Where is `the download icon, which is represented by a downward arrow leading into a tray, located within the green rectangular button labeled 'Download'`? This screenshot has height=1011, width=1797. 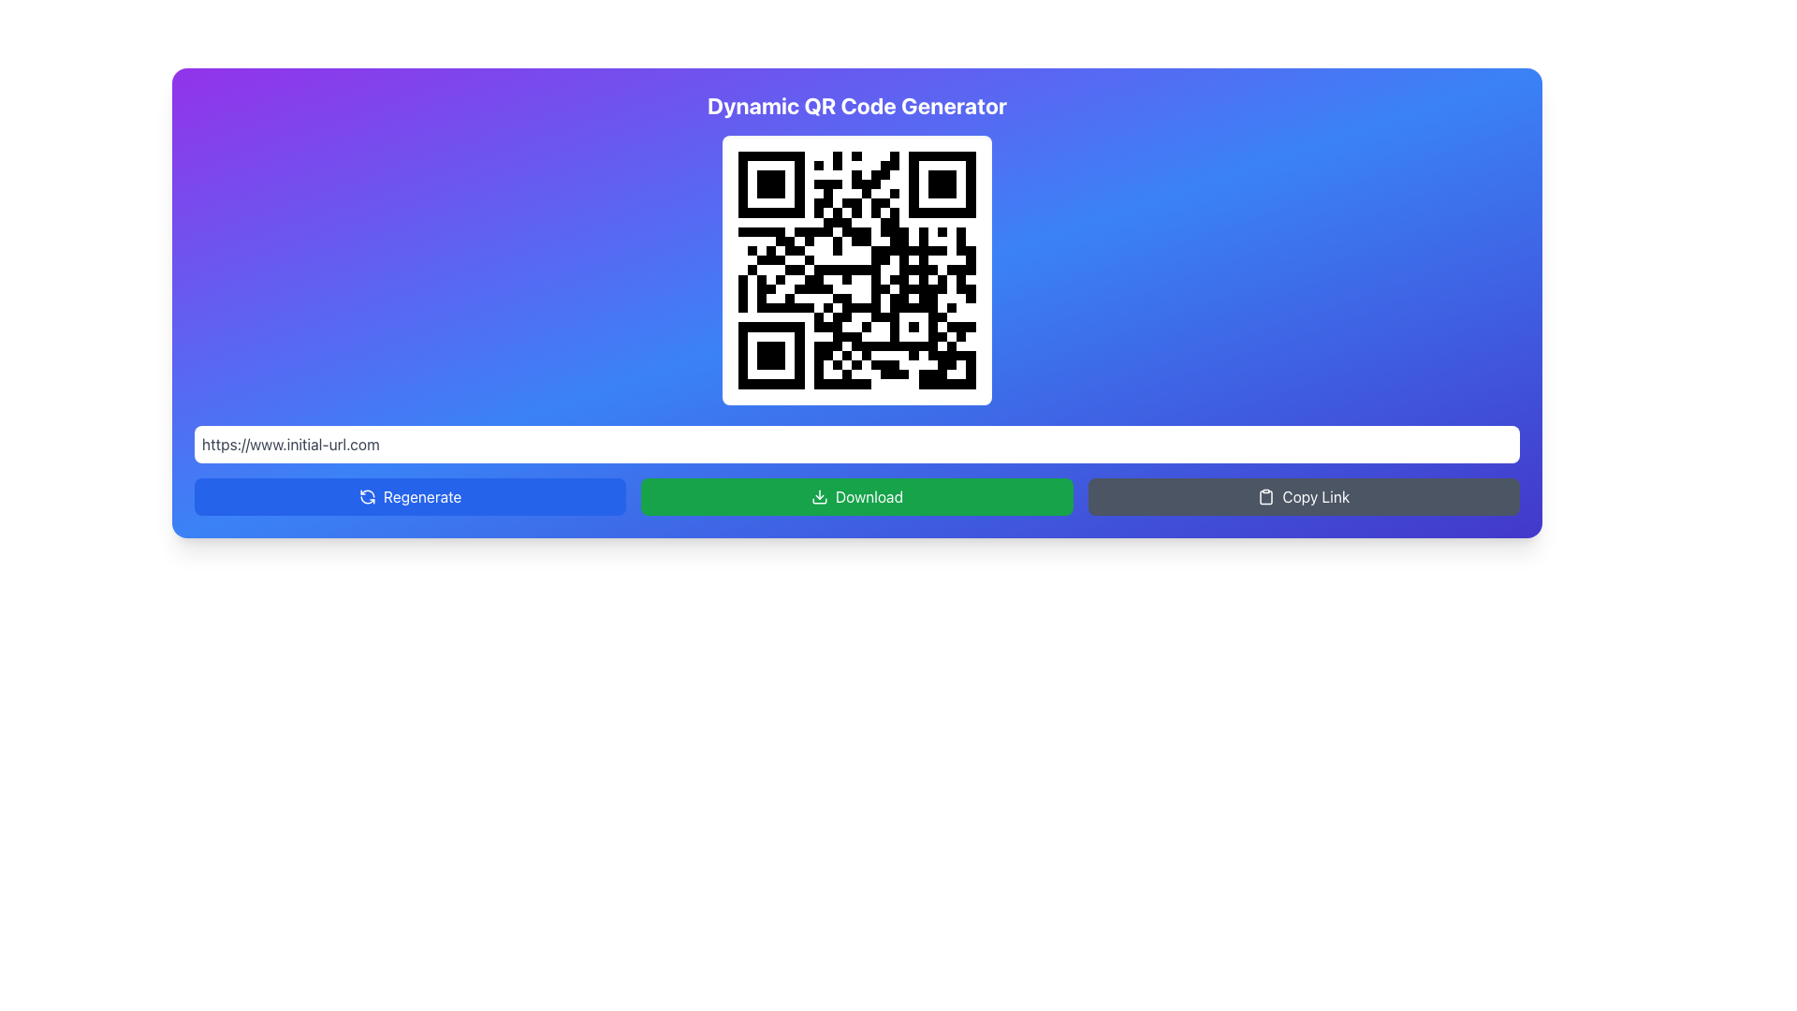
the download icon, which is represented by a downward arrow leading into a tray, located within the green rectangular button labeled 'Download' is located at coordinates (819, 496).